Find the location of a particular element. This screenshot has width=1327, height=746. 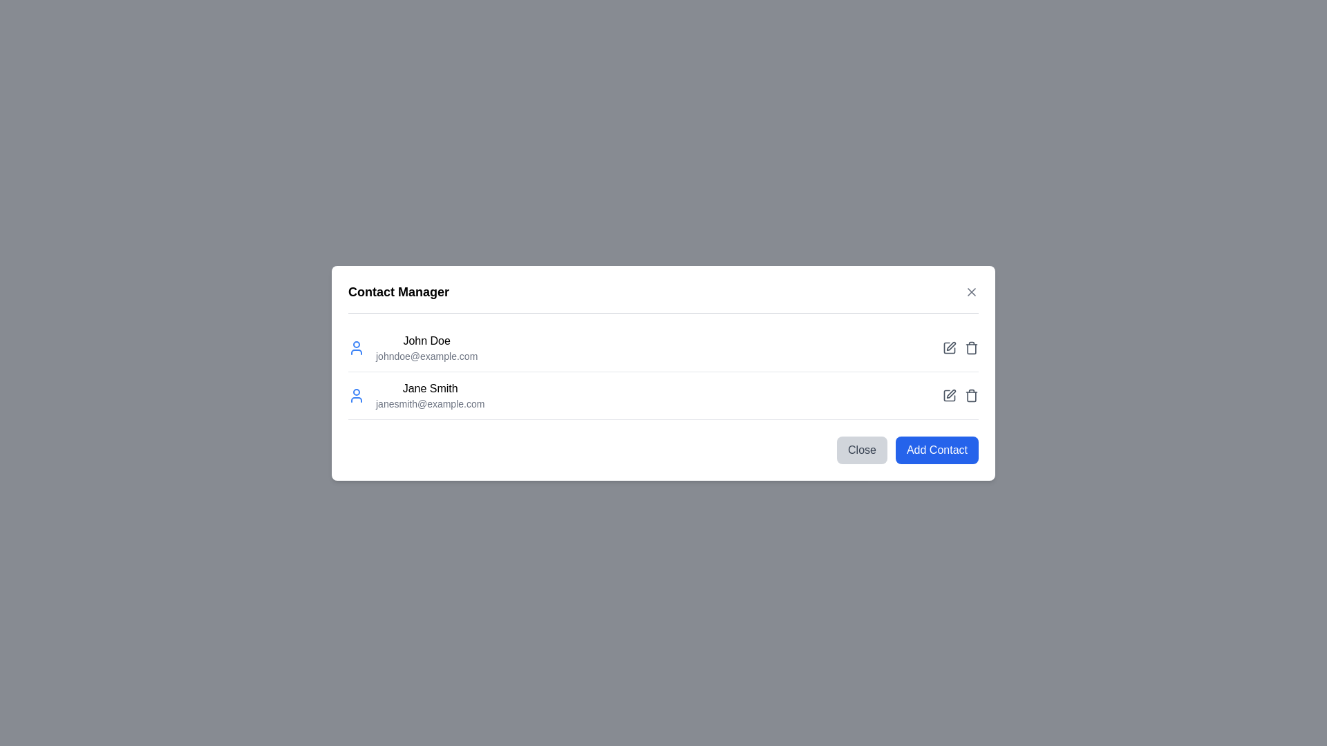

the edit icon button located towards the right side of the second row in the contact list is located at coordinates (950, 394).